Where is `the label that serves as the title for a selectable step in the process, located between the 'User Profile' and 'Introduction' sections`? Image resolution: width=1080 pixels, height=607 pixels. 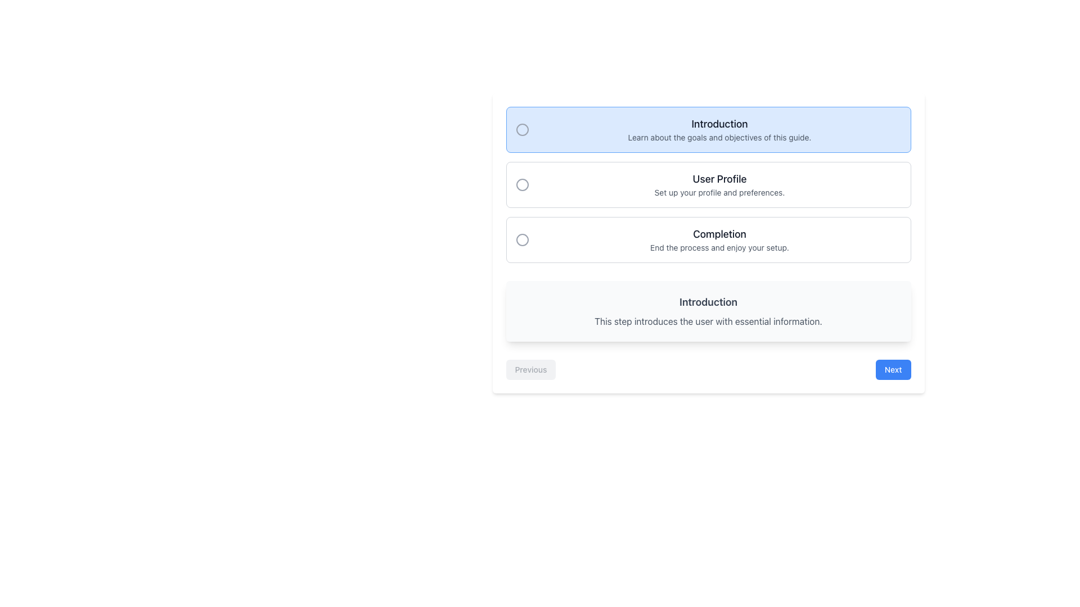 the label that serves as the title for a selectable step in the process, located between the 'User Profile' and 'Introduction' sections is located at coordinates (719, 233).